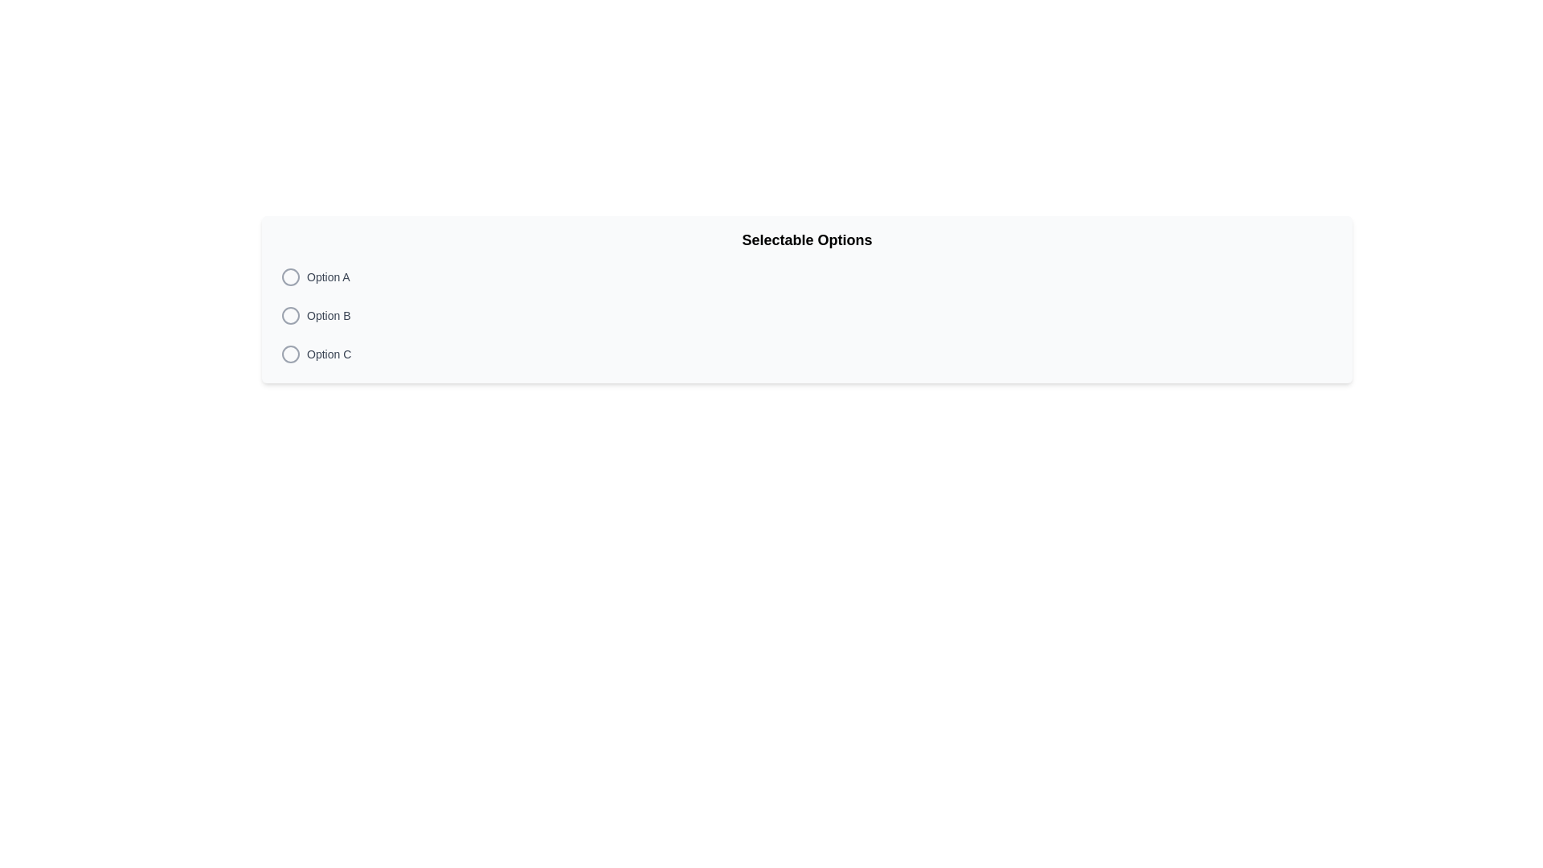  I want to click on the circular radio button with a gray border located to the left of the label 'Option B', so click(290, 316).